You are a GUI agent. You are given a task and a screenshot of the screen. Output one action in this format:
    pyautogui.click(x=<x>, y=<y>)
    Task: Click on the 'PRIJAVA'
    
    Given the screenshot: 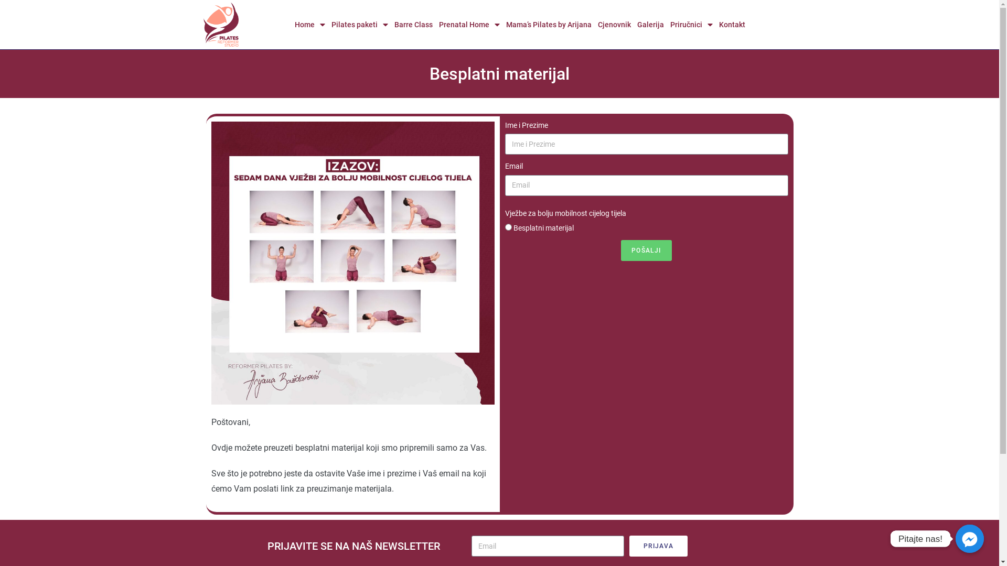 What is the action you would take?
    pyautogui.click(x=629, y=545)
    